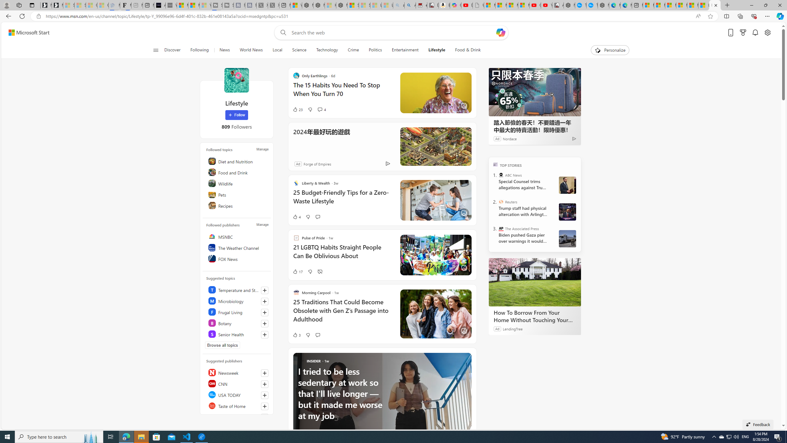 This screenshot has height=443, width=787. Describe the element at coordinates (319, 110) in the screenshot. I see `'View comments 4 Comment'` at that location.